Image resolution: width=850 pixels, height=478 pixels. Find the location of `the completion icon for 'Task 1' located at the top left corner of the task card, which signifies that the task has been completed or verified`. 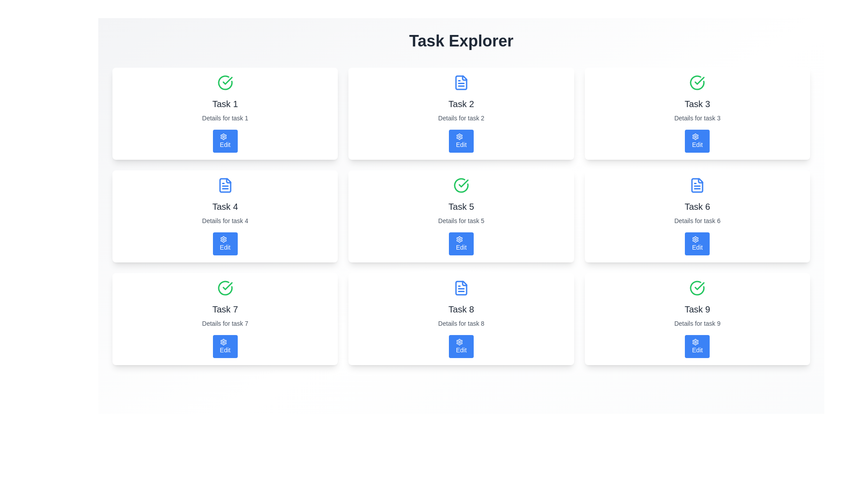

the completion icon for 'Task 1' located at the top left corner of the task card, which signifies that the task has been completed or verified is located at coordinates (225, 82).